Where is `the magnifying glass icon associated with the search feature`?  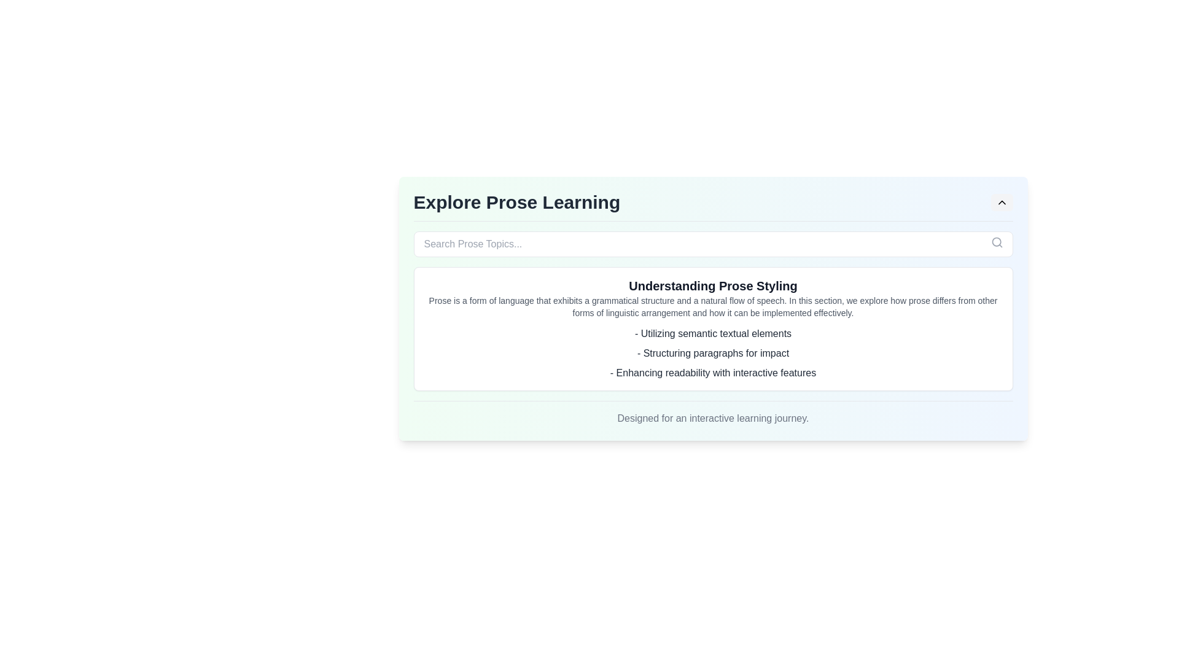 the magnifying glass icon associated with the search feature is located at coordinates (997, 242).